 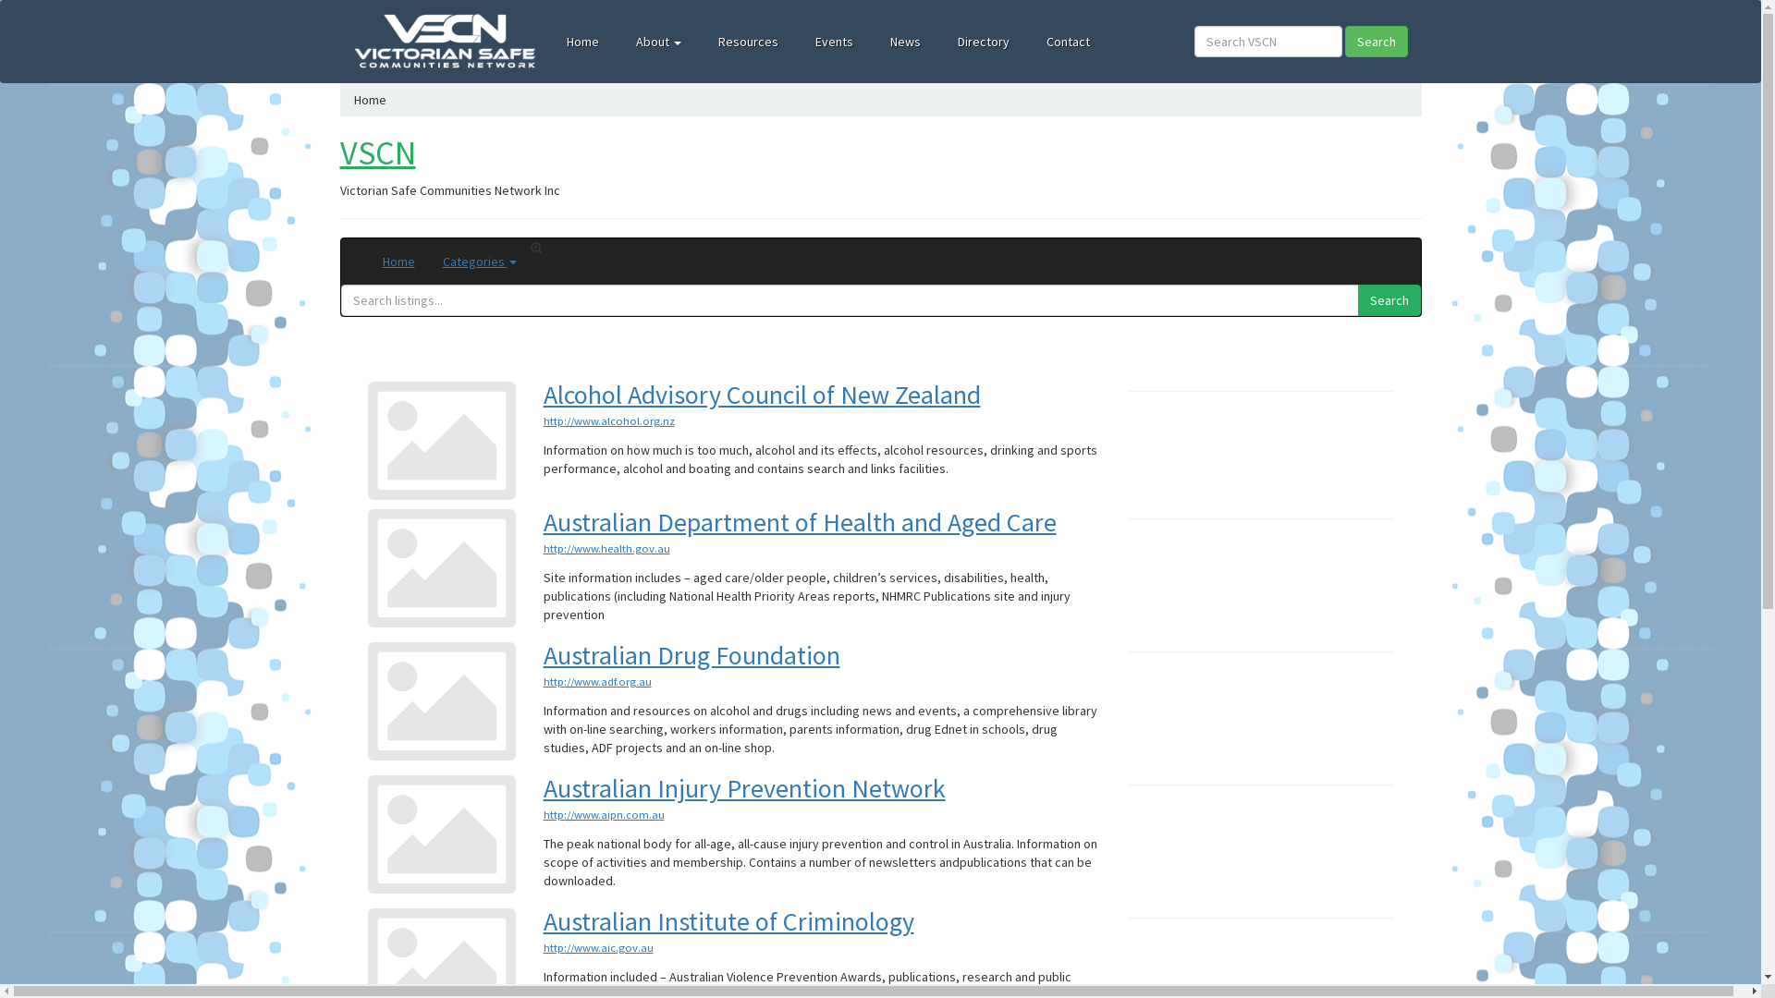 What do you see at coordinates (748, 42) in the screenshot?
I see `'Resources'` at bounding box center [748, 42].